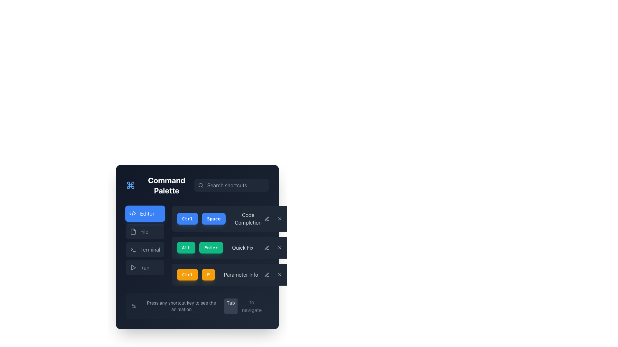 Image resolution: width=618 pixels, height=347 pixels. Describe the element at coordinates (166, 185) in the screenshot. I see `the static text label that serves as a title or header for the current section, positioned to the right of a command icon and aligned to the left of a search input field` at that location.